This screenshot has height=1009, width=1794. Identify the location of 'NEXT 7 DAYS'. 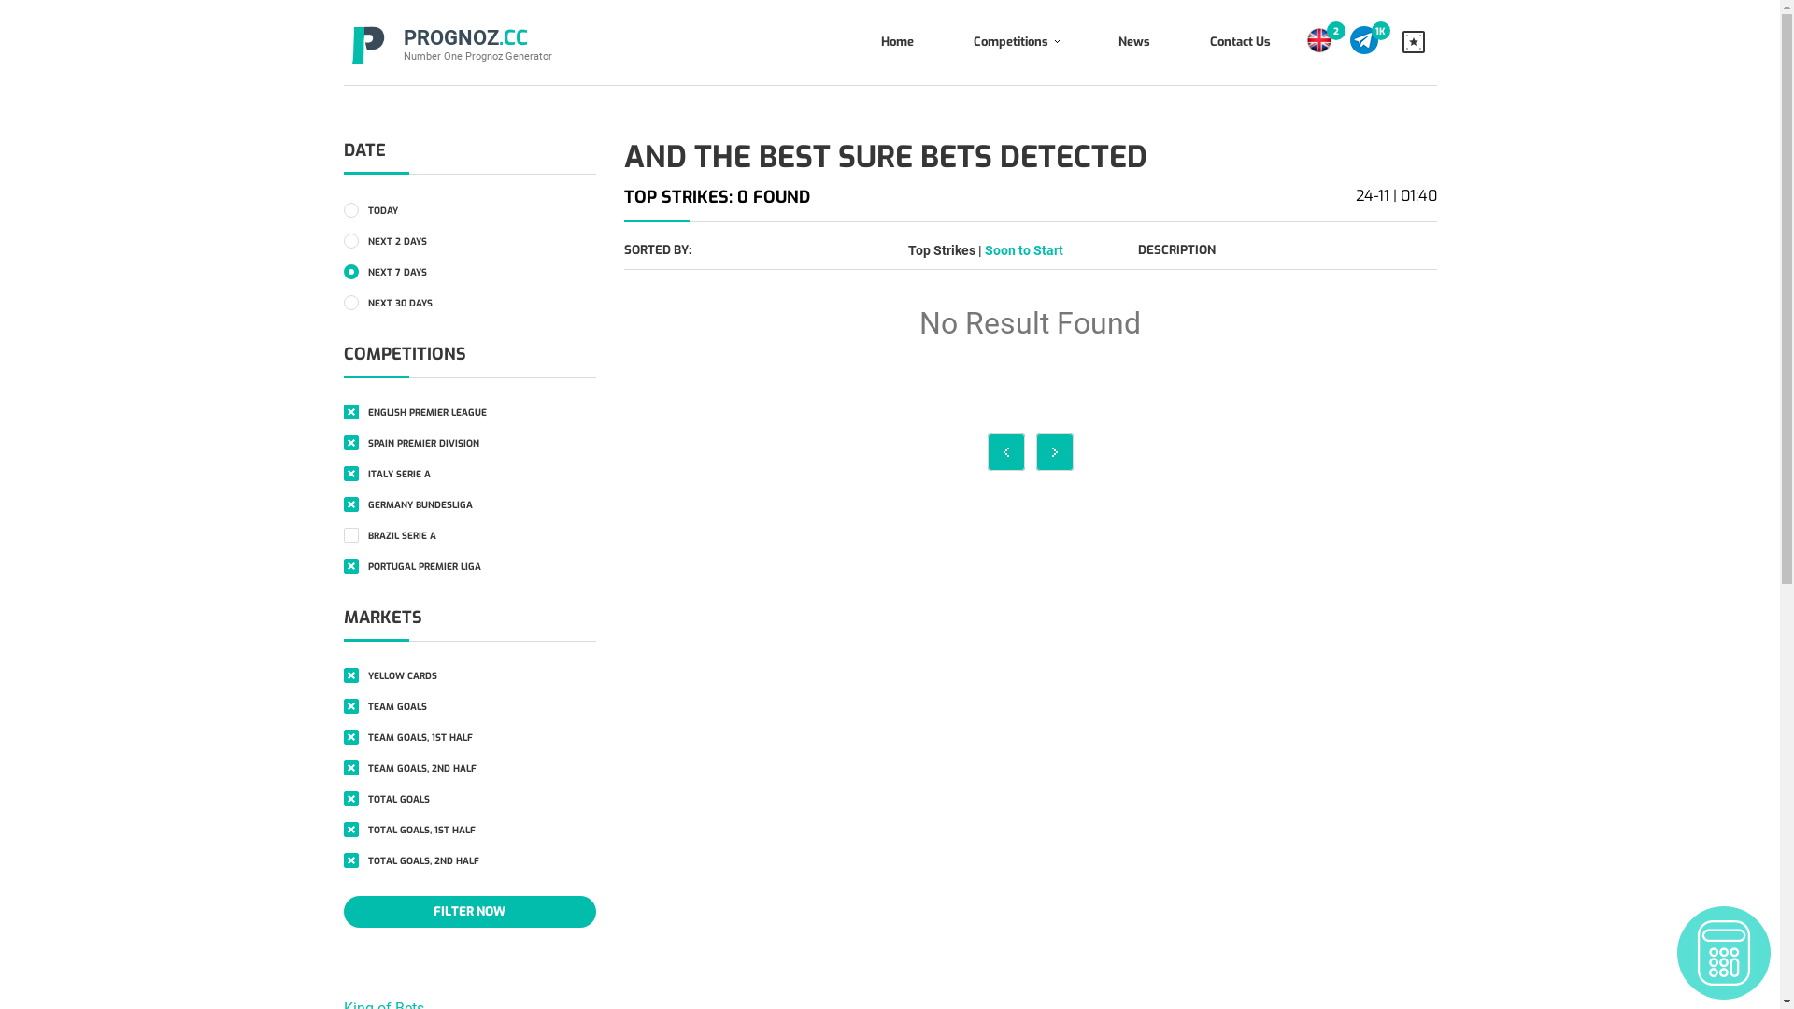
(470, 271).